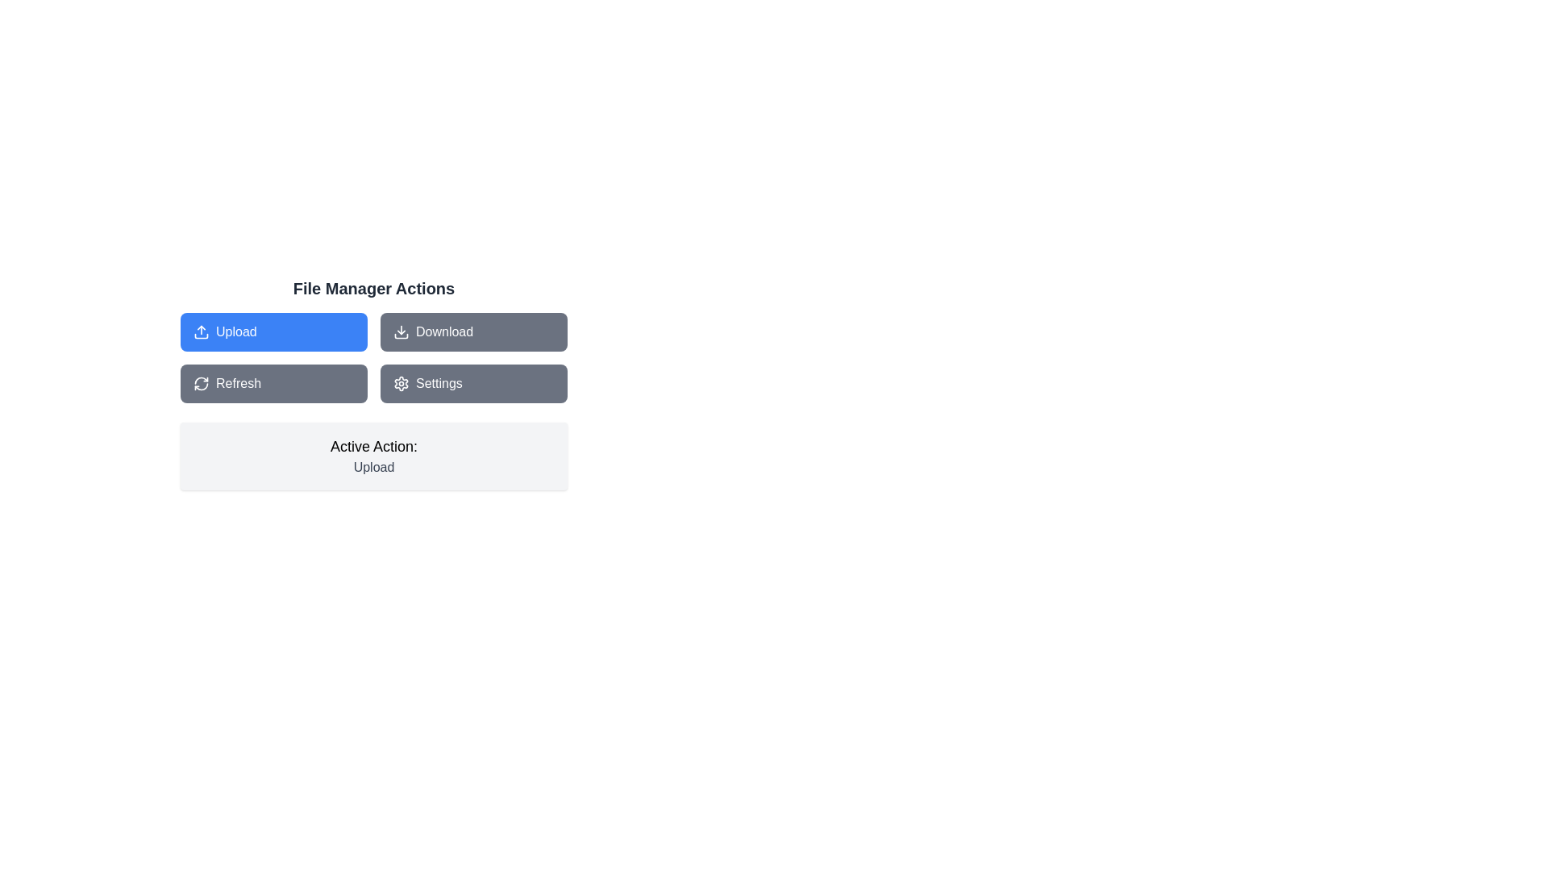 The height and width of the screenshot is (871, 1548). I want to click on the 'Download' text label which indicates the button's purpose to trigger a download action, so click(444, 331).